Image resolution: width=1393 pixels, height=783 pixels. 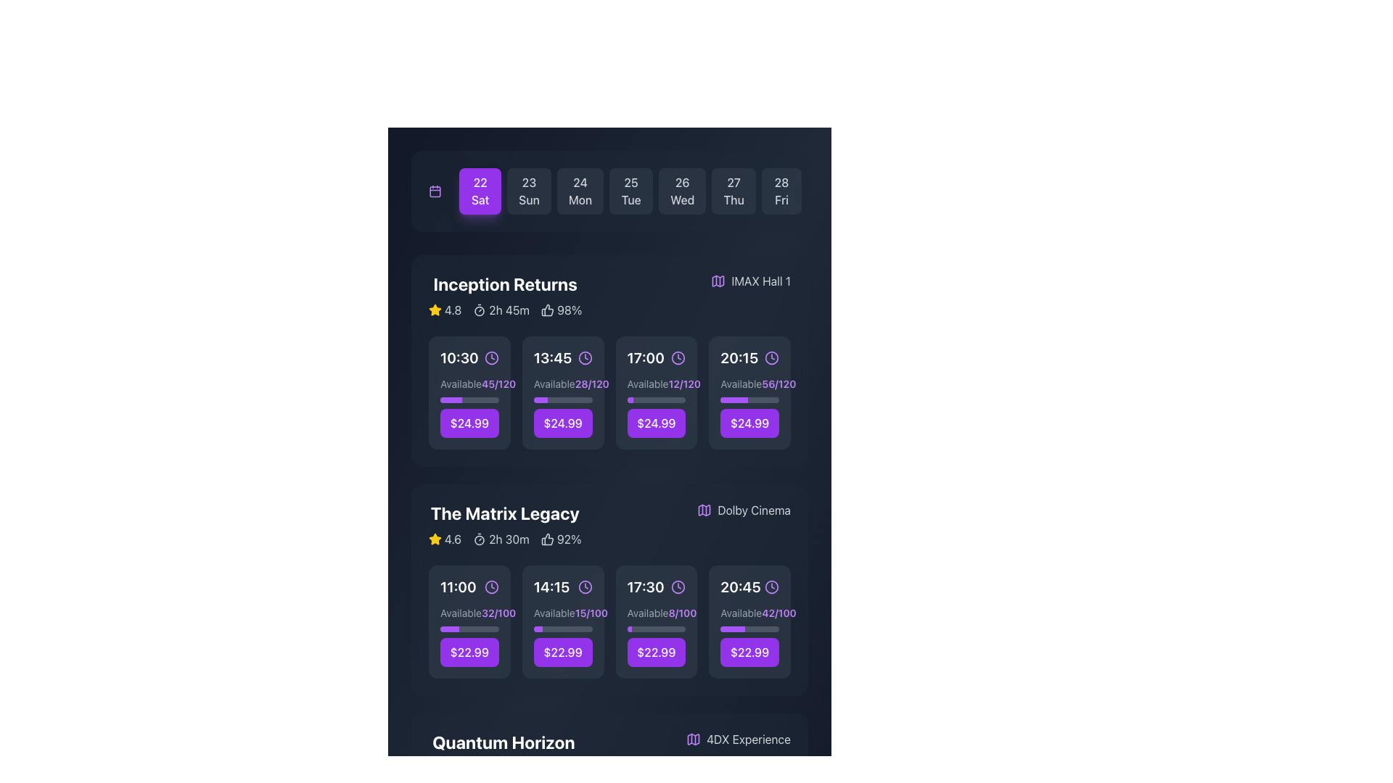 I want to click on the purchase button for the movie 'The Matrix Legacy' at the time slot '14:15' to trigger the hover effect, so click(x=562, y=651).